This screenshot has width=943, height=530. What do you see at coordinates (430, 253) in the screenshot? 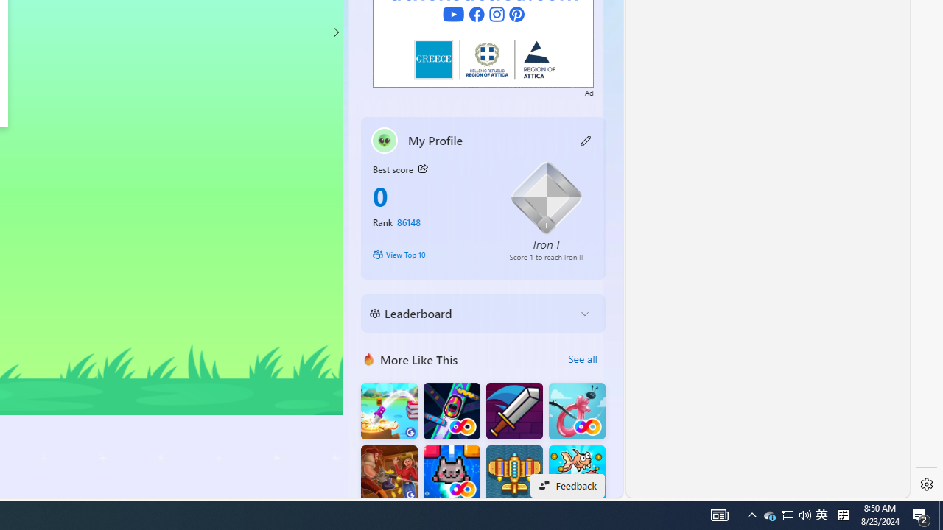
I see `'View Top 10'` at bounding box center [430, 253].